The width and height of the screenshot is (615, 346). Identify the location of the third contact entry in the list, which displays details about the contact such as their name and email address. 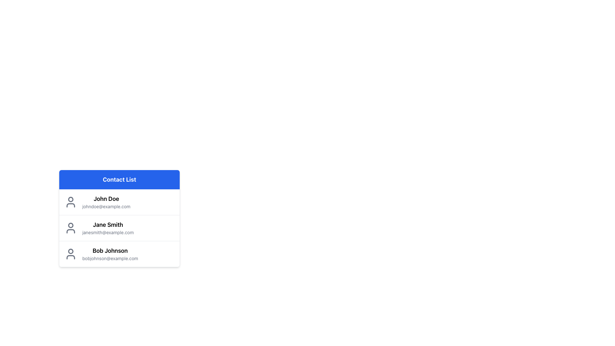
(119, 253).